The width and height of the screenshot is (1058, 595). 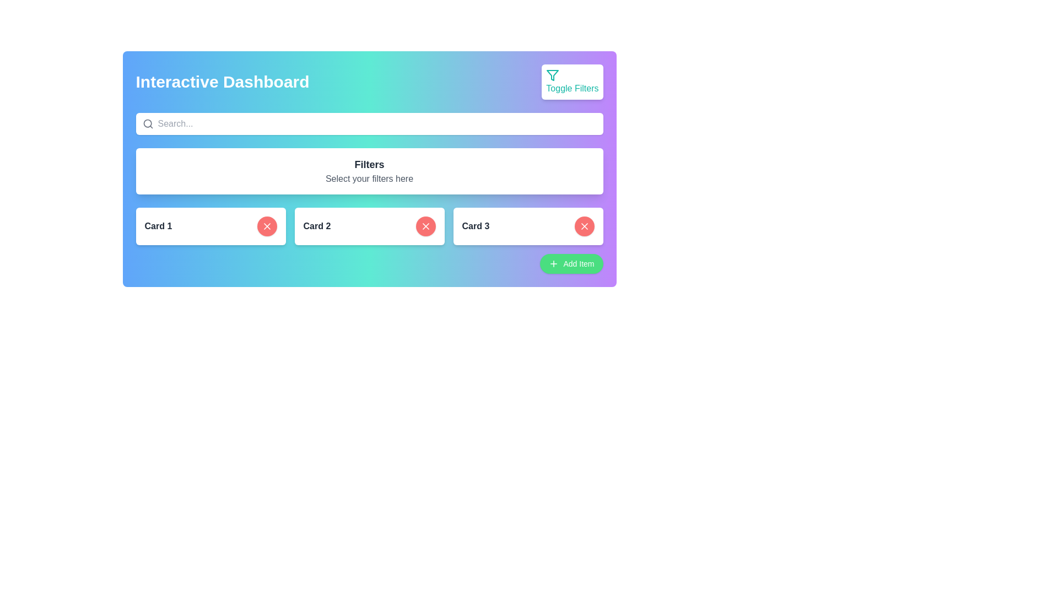 What do you see at coordinates (222, 82) in the screenshot?
I see `the 'Interactive Dashboard' heading label element, which is a bold, white font header located at the top-left of the interface against a blue and green gradient background` at bounding box center [222, 82].